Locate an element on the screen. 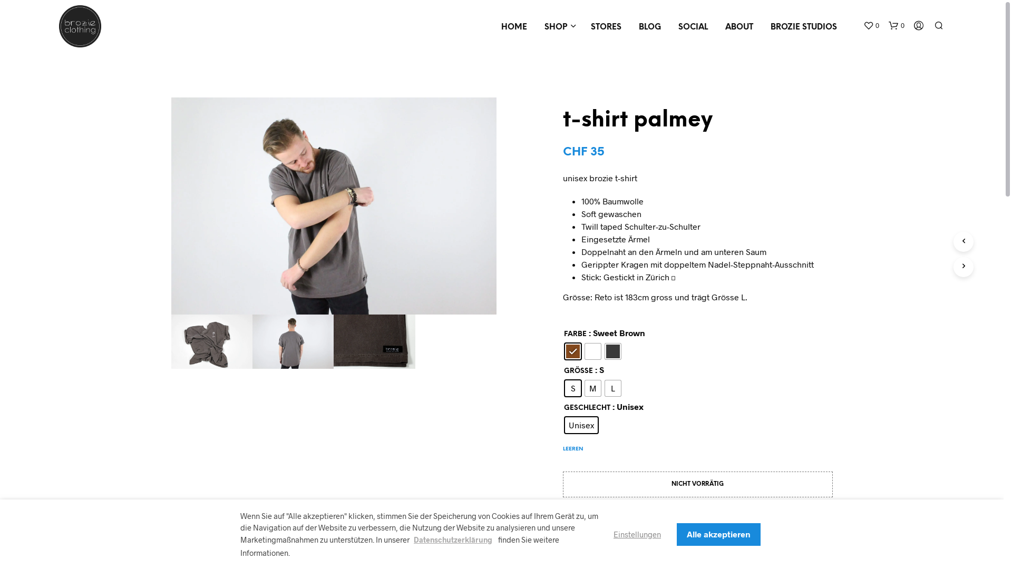  'Einstellungen' is located at coordinates (637, 534).